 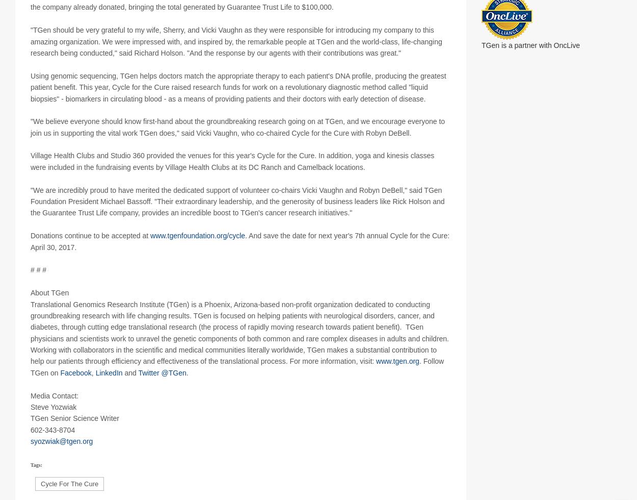 What do you see at coordinates (240, 253) in the screenshot?
I see `'. And save the date for next year's 7th annual Cycle for the Cure: April 30, 2017.'` at bounding box center [240, 253].